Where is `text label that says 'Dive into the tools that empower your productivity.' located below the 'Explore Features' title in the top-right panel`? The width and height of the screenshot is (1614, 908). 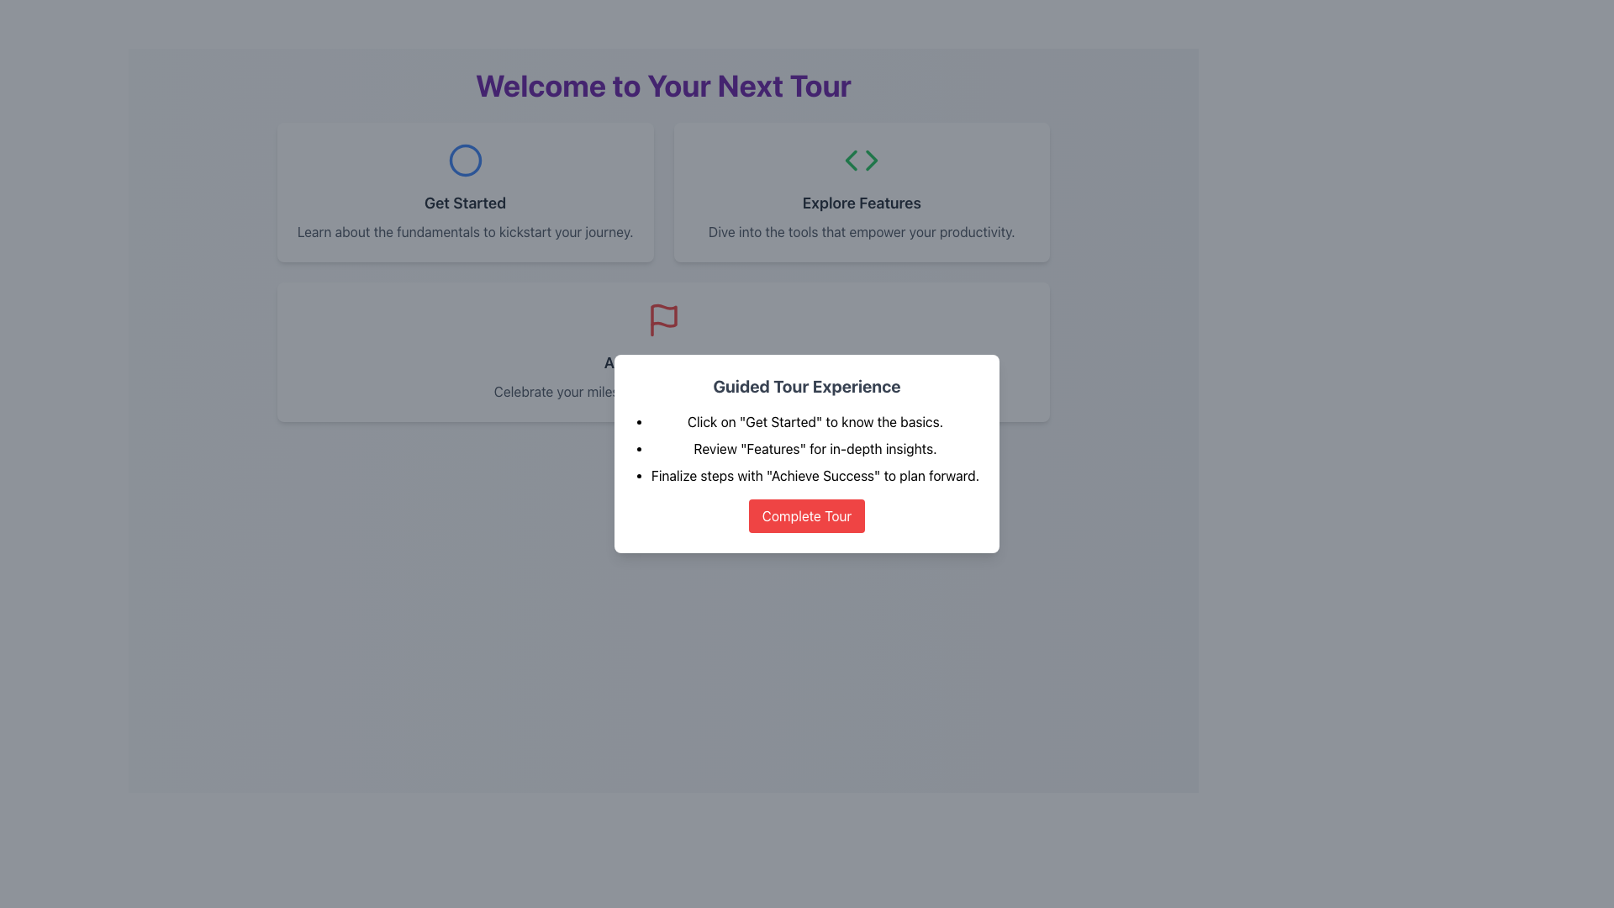
text label that says 'Dive into the tools that empower your productivity.' located below the 'Explore Features' title in the top-right panel is located at coordinates (862, 232).